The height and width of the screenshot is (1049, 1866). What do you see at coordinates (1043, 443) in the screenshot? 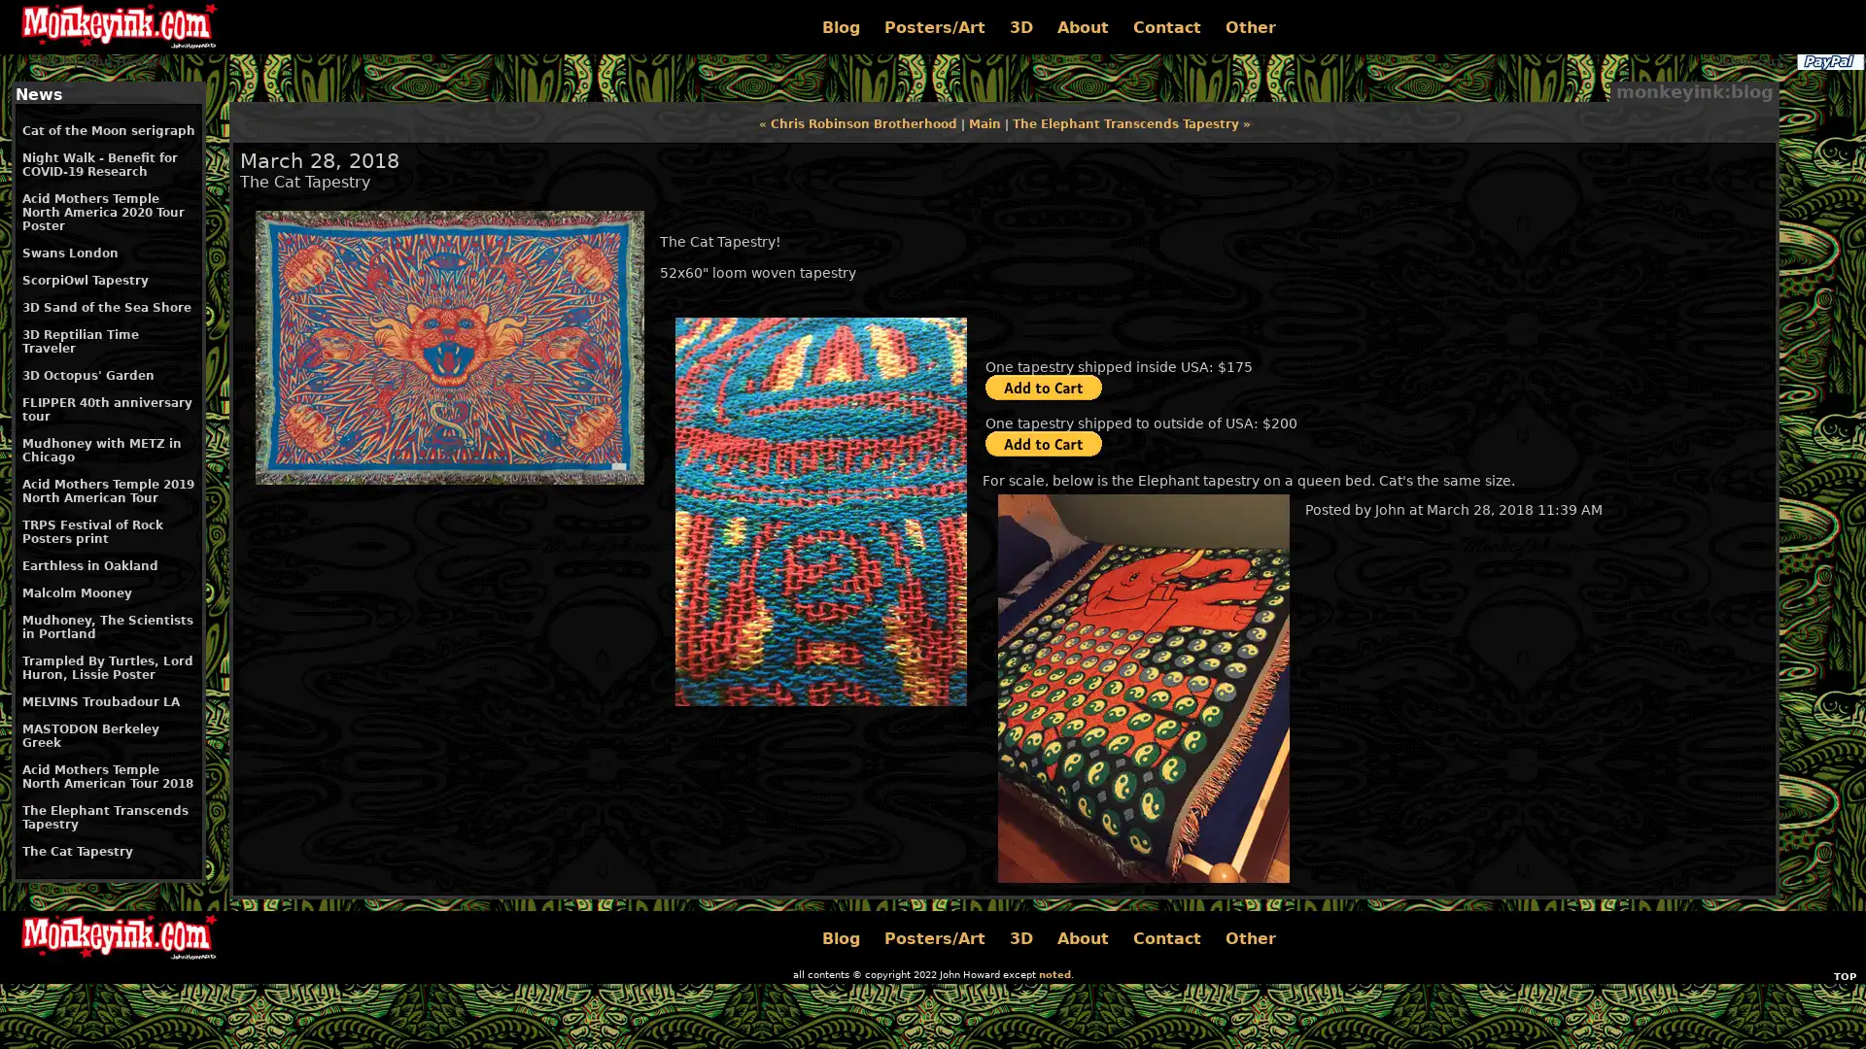
I see `PayPal - The safer, easier way to pay online!` at bounding box center [1043, 443].